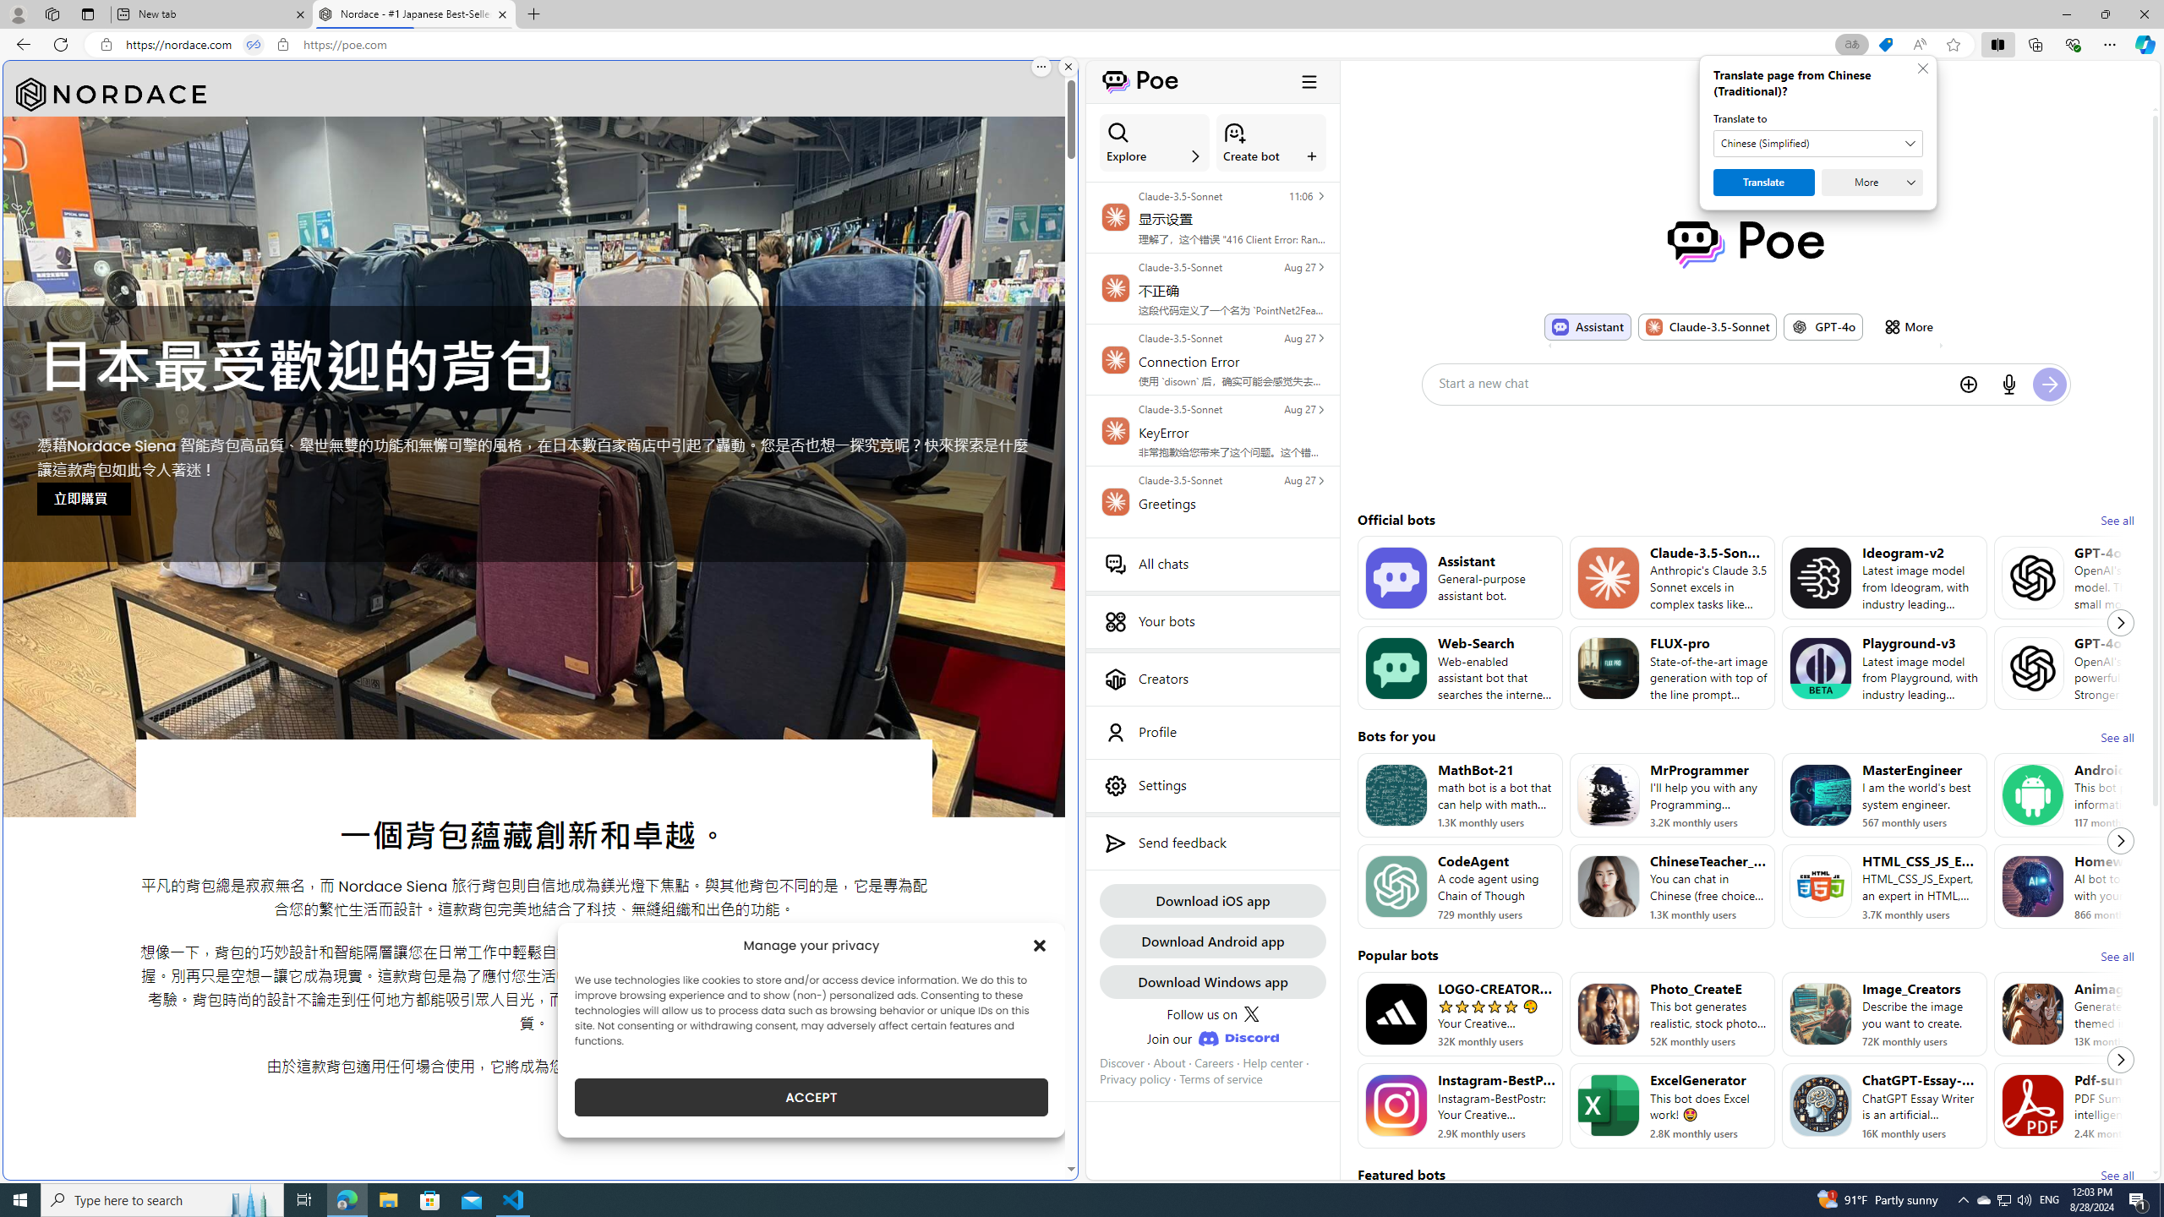  What do you see at coordinates (2116, 1175) in the screenshot?
I see `'See all'` at bounding box center [2116, 1175].